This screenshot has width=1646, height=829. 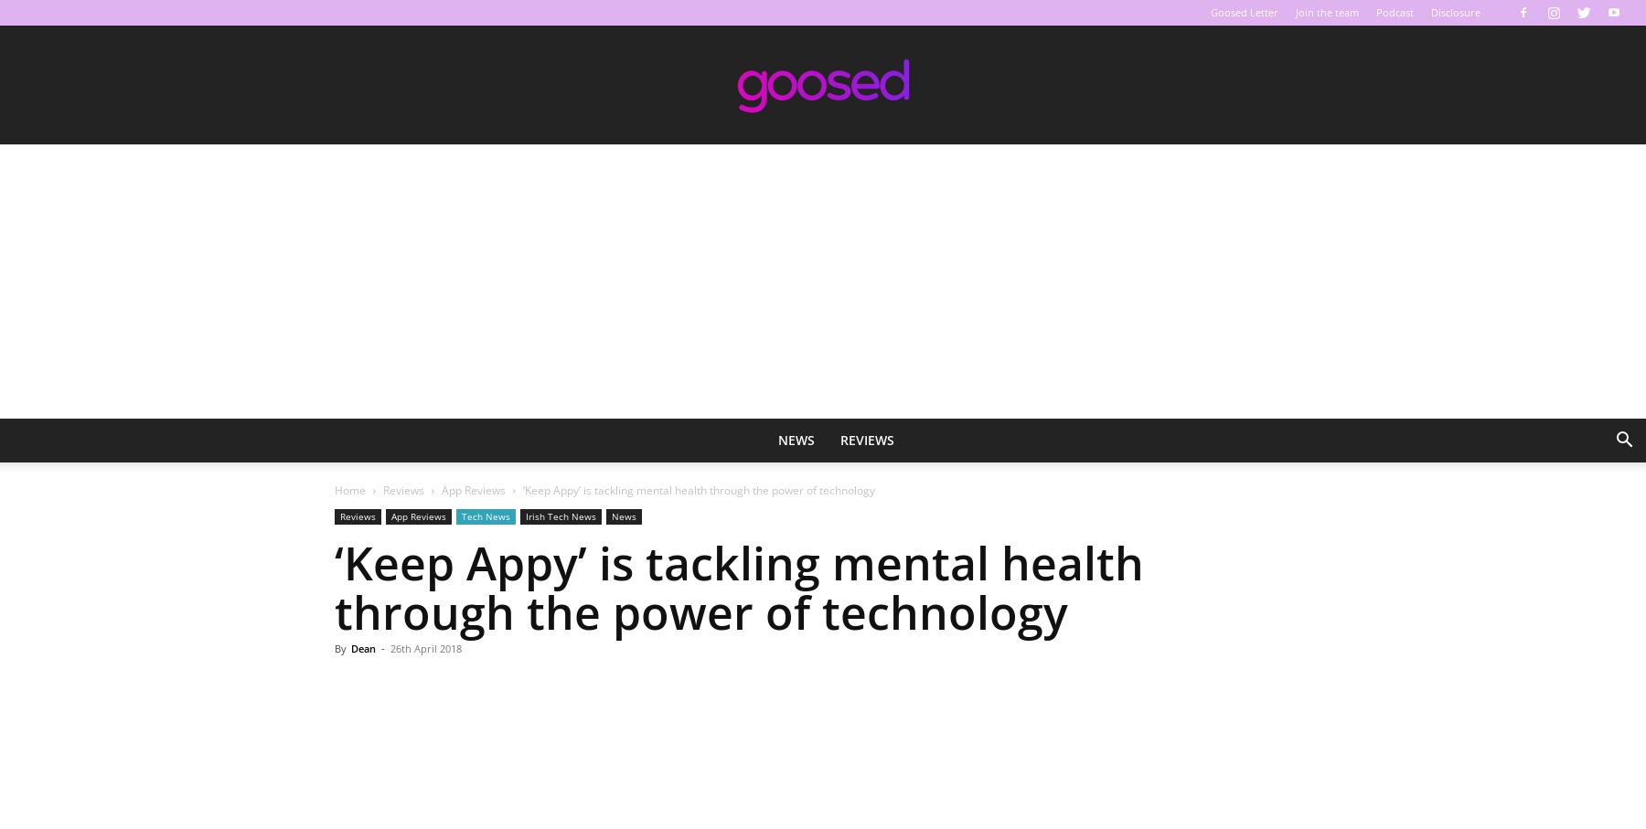 I want to click on 'Irish Tech News', so click(x=561, y=515).